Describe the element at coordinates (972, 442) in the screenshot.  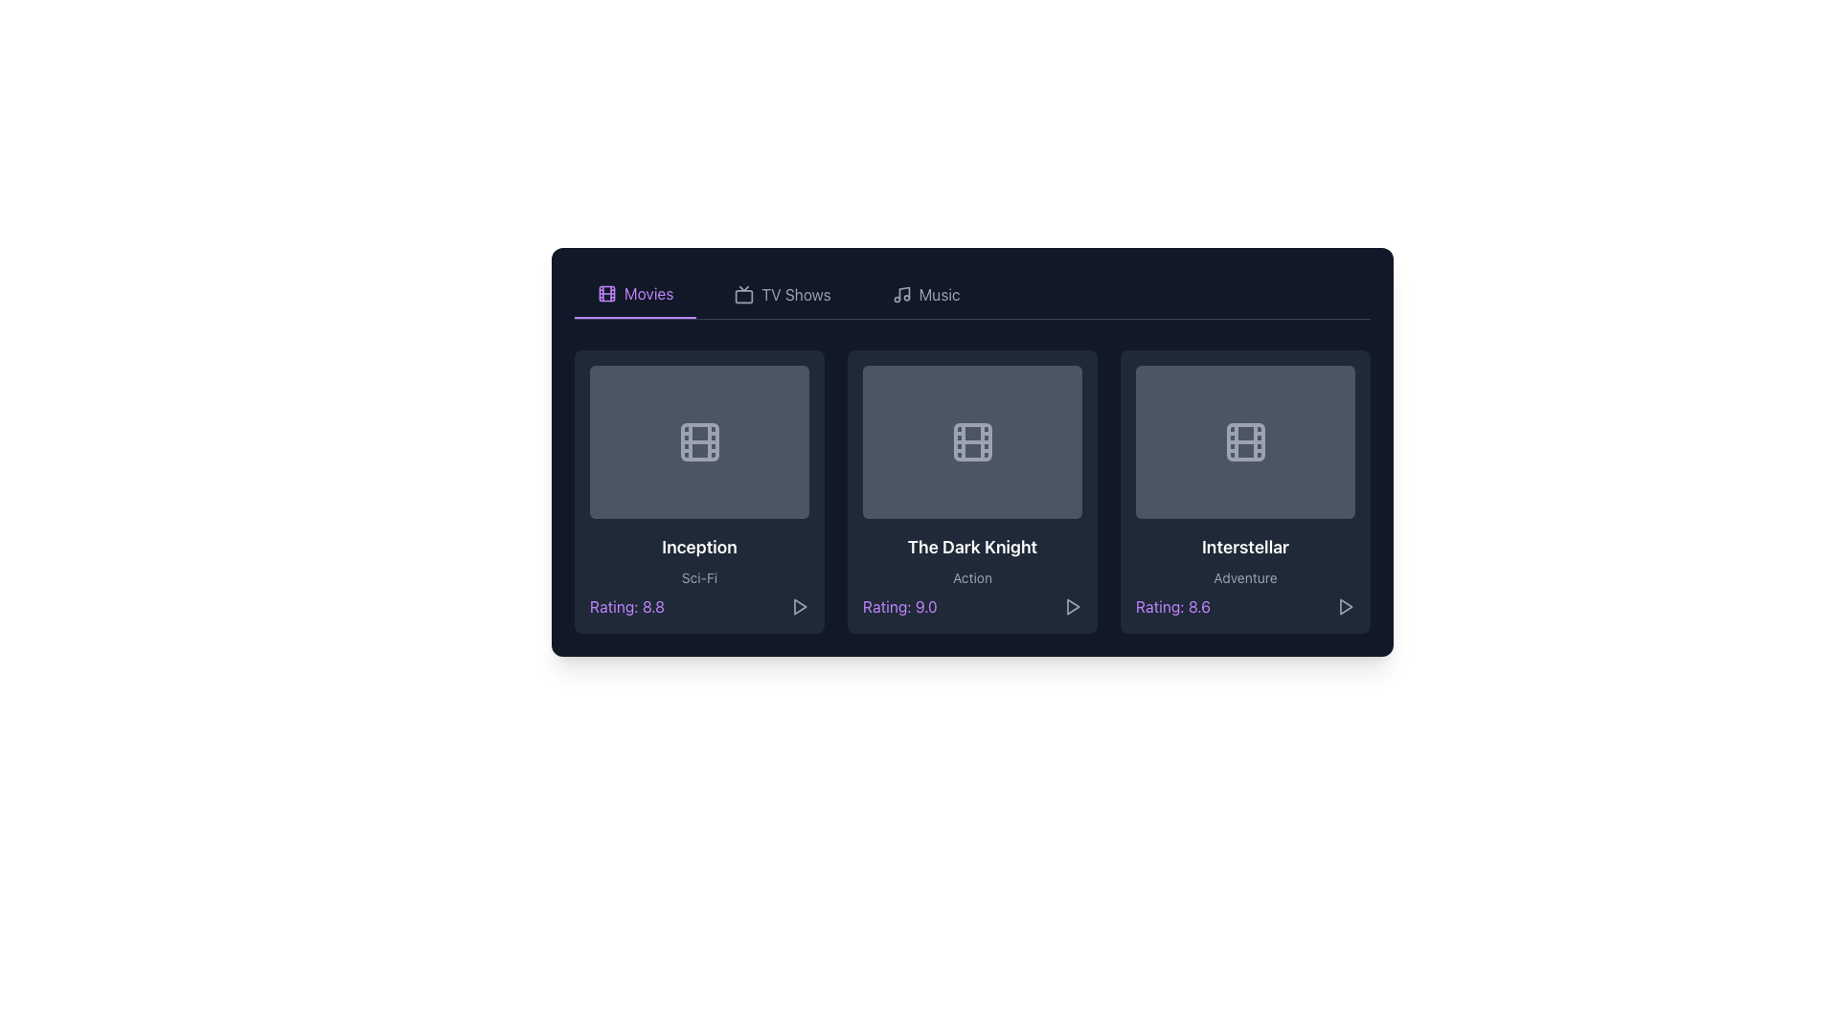
I see `the Decoration component (SVG rectangle) within the film reel icon for 'The Dark Knight', which is centrally positioned in the card` at that location.